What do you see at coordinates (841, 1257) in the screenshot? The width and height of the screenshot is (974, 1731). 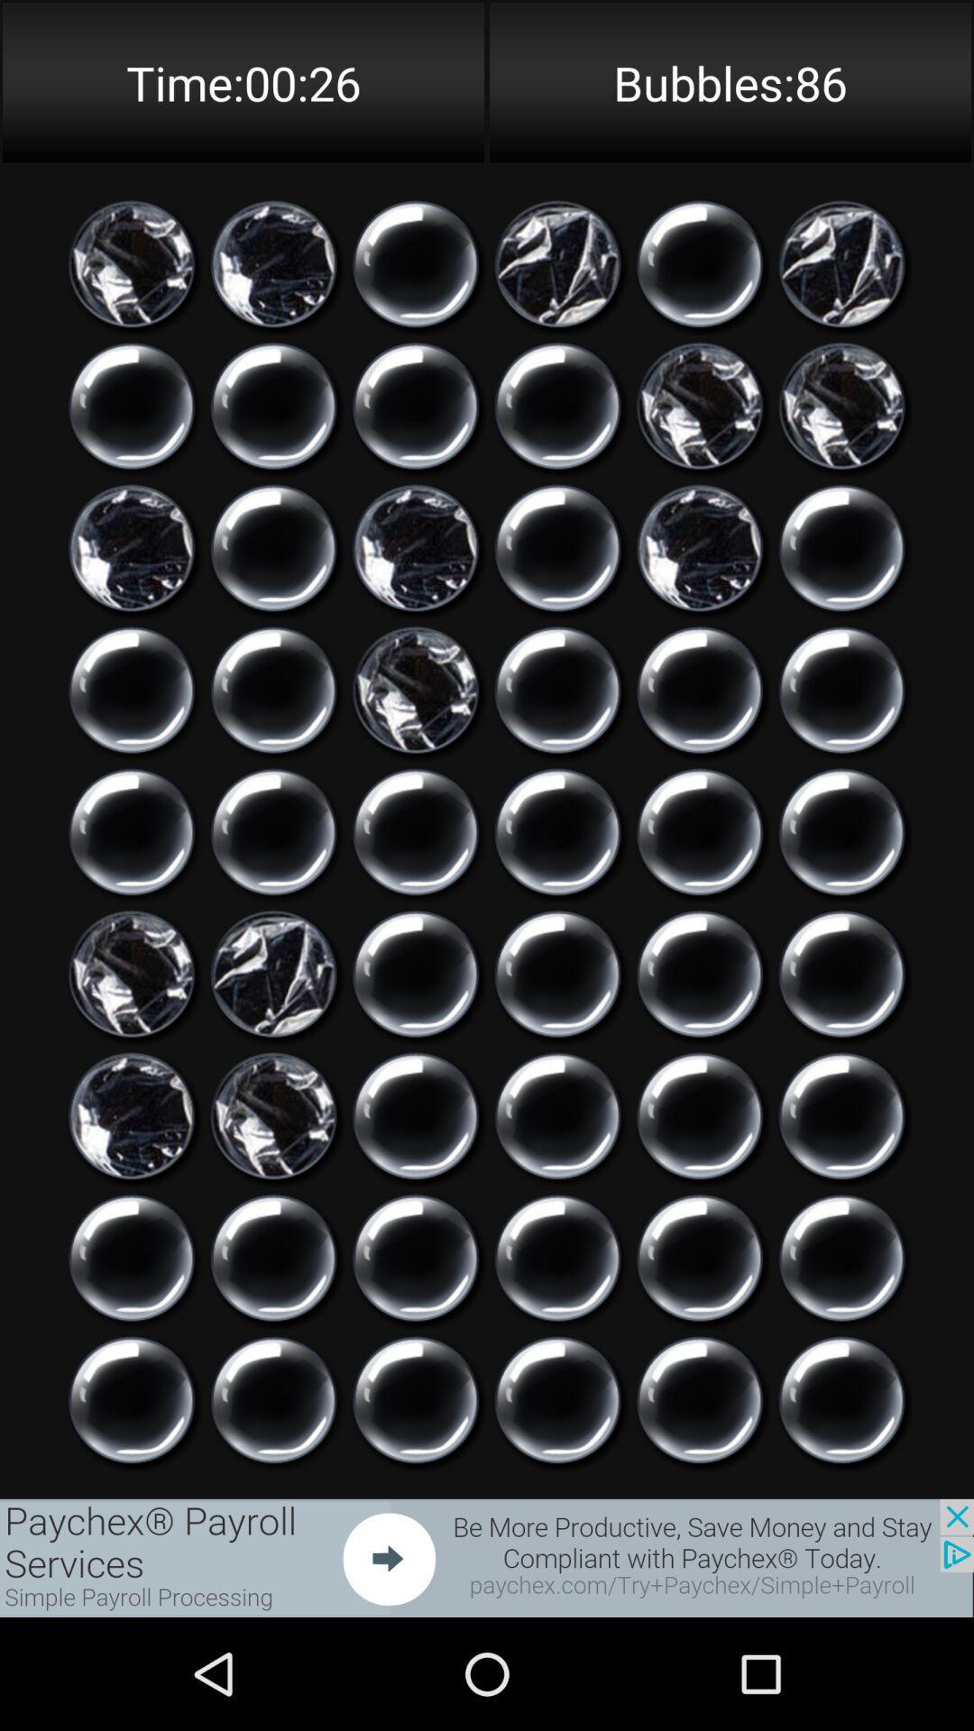 I see `option` at bounding box center [841, 1257].